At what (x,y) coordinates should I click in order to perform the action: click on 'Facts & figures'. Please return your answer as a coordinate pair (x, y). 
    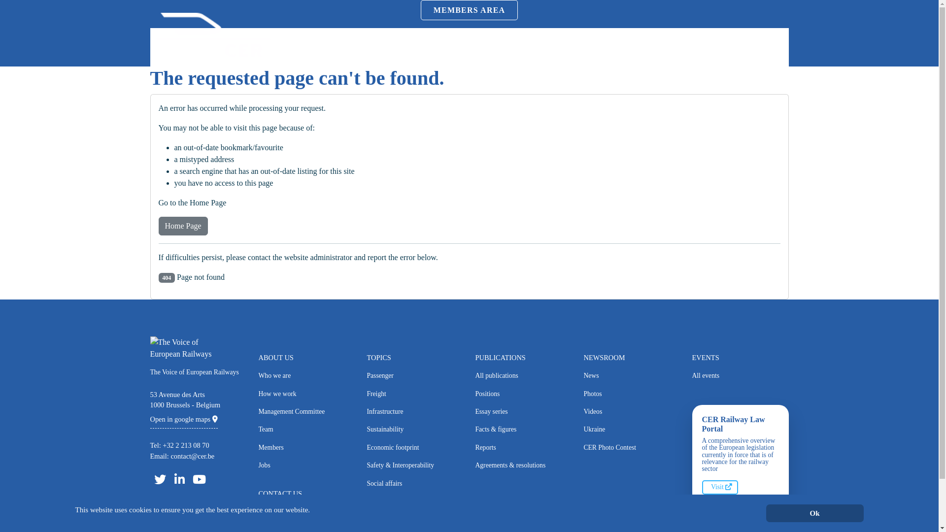
    Looking at the image, I should click on (475, 429).